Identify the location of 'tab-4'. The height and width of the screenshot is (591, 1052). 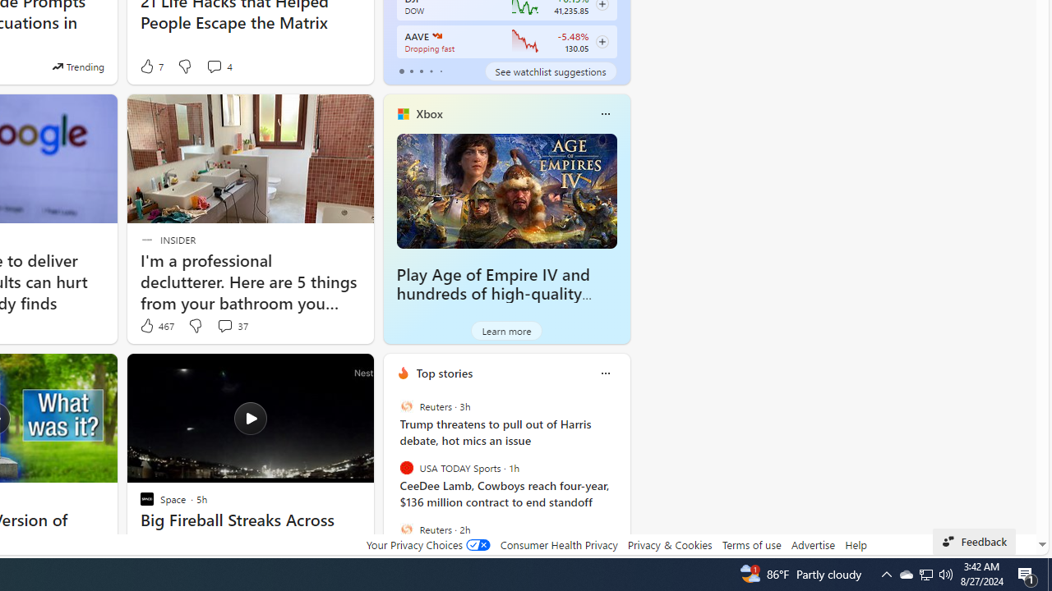
(441, 71).